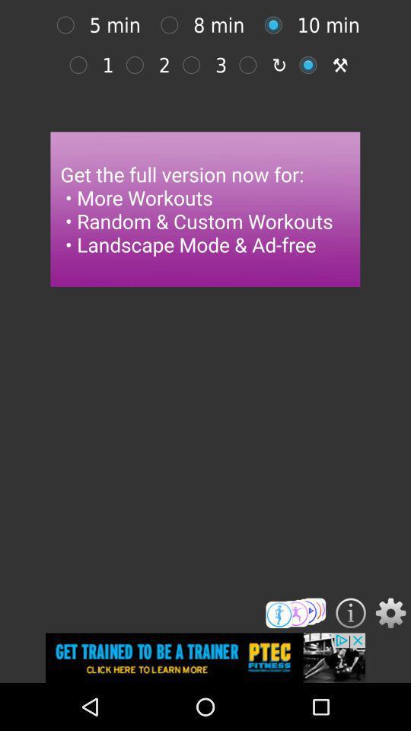 This screenshot has width=411, height=731. I want to click on 3, so click(195, 65).